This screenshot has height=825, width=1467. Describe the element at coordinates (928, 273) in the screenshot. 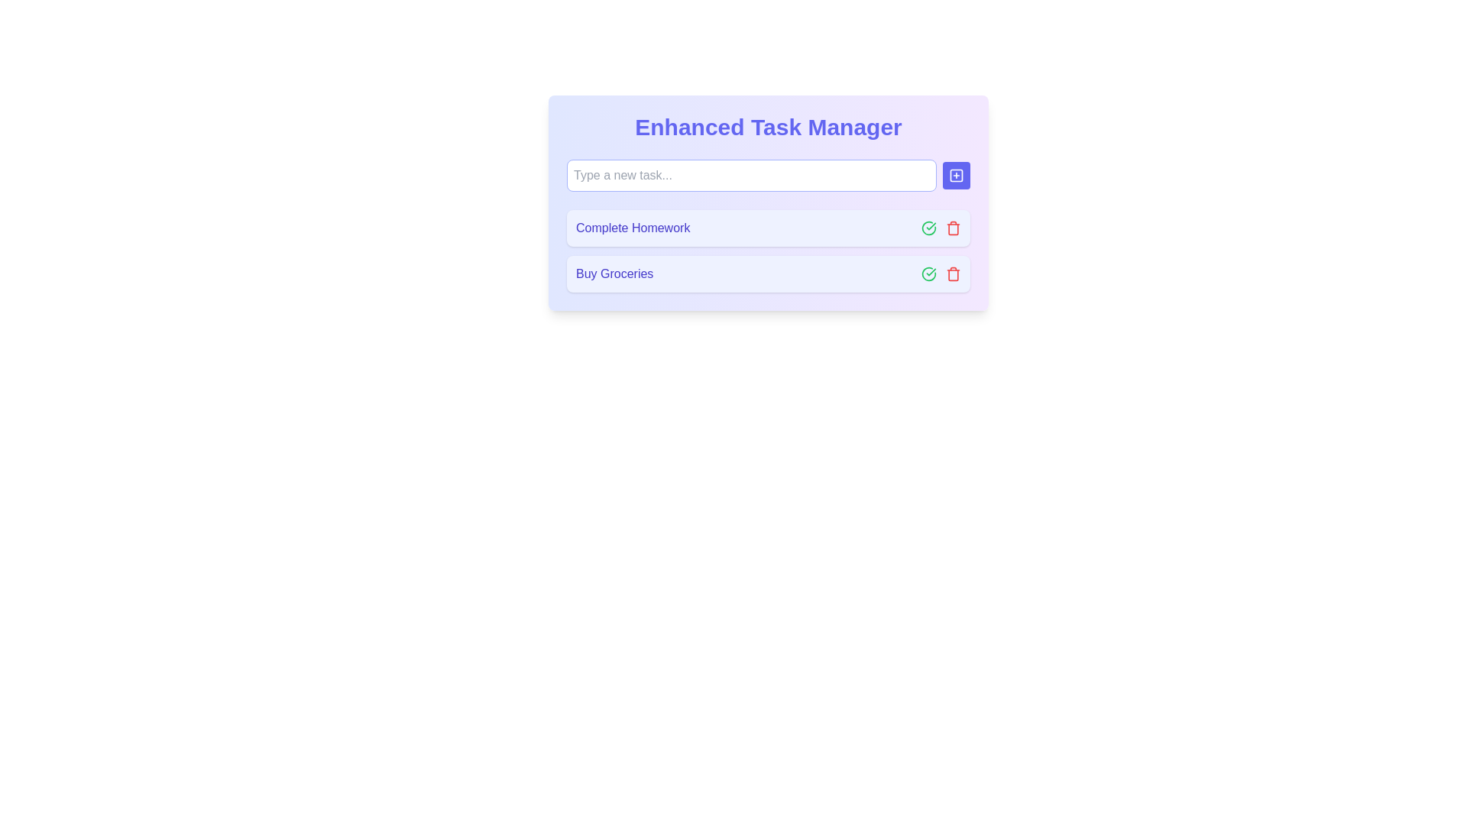

I see `the circular green stroke icon representing a completed task in the second task row of the task management application` at that location.